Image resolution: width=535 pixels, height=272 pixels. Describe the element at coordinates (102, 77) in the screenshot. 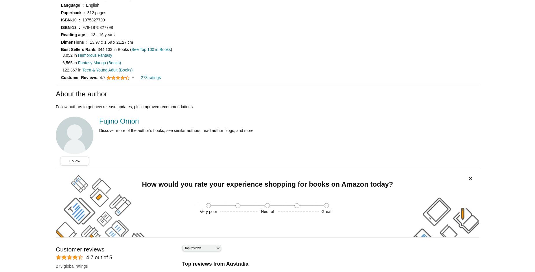

I see `'4.7'` at that location.